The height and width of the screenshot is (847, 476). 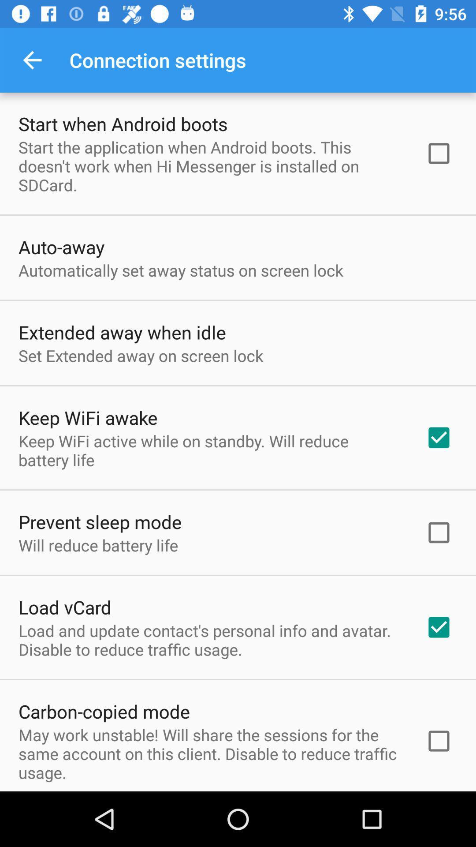 I want to click on the auto-away item, so click(x=61, y=247).